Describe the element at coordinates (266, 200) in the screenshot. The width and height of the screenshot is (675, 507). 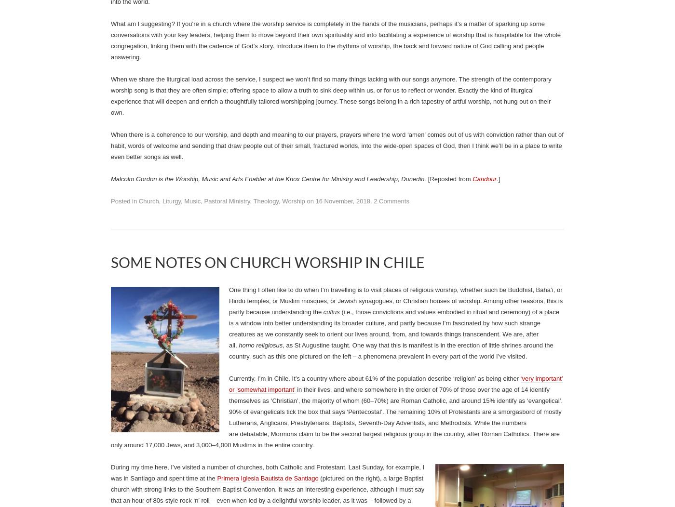
I see `'Theology'` at that location.